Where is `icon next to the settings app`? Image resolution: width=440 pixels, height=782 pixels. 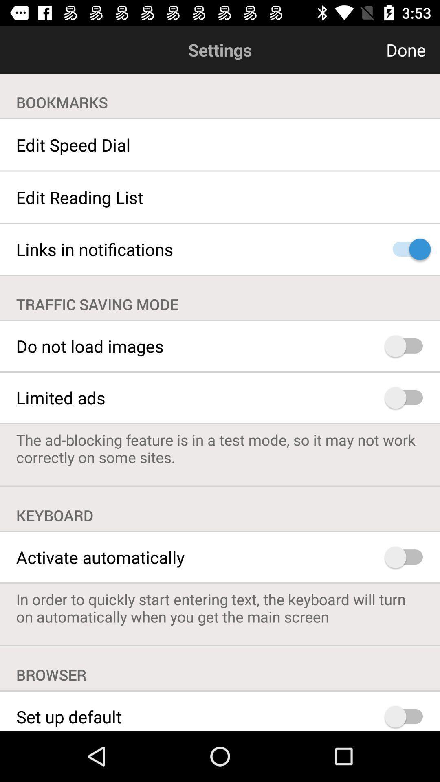 icon next to the settings app is located at coordinates (366, 49).